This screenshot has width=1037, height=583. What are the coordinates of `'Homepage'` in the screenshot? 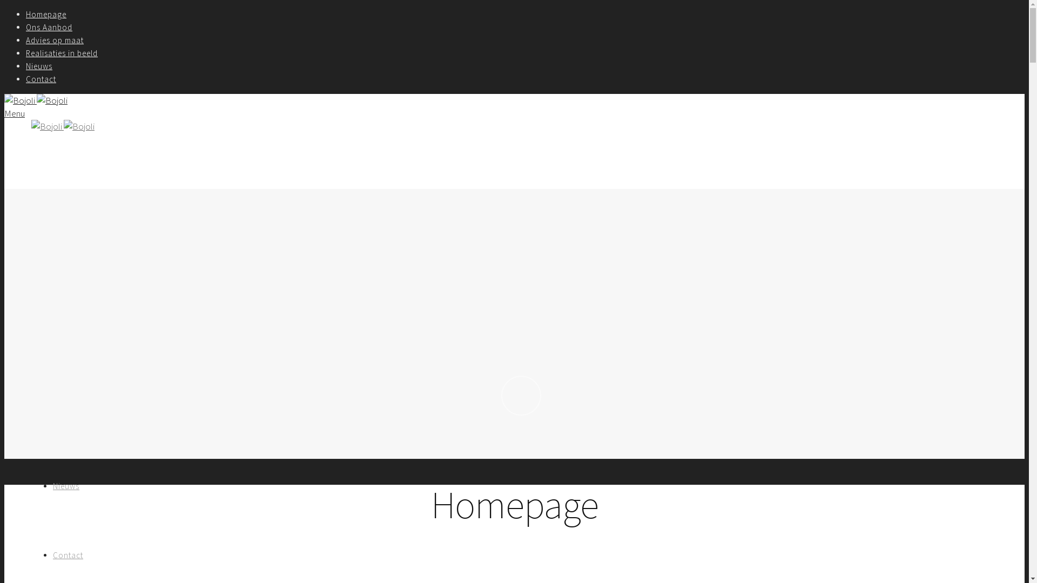 It's located at (45, 14).